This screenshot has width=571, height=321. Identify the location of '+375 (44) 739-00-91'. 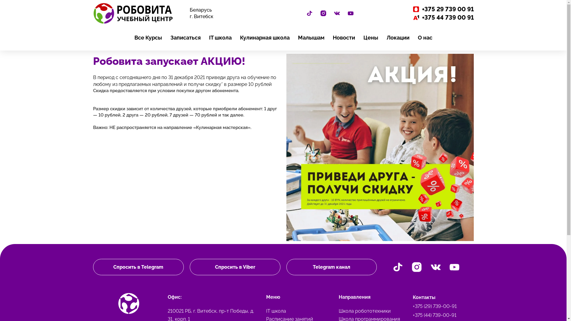
(441, 315).